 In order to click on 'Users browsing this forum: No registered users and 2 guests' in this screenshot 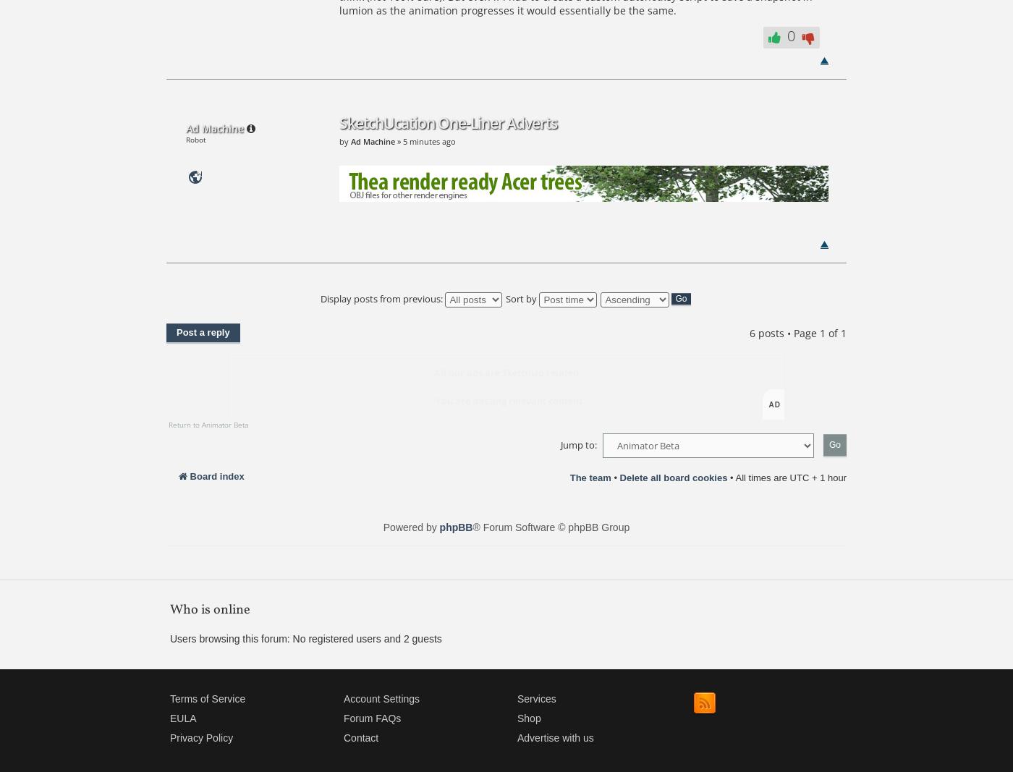, I will do `click(169, 638)`.